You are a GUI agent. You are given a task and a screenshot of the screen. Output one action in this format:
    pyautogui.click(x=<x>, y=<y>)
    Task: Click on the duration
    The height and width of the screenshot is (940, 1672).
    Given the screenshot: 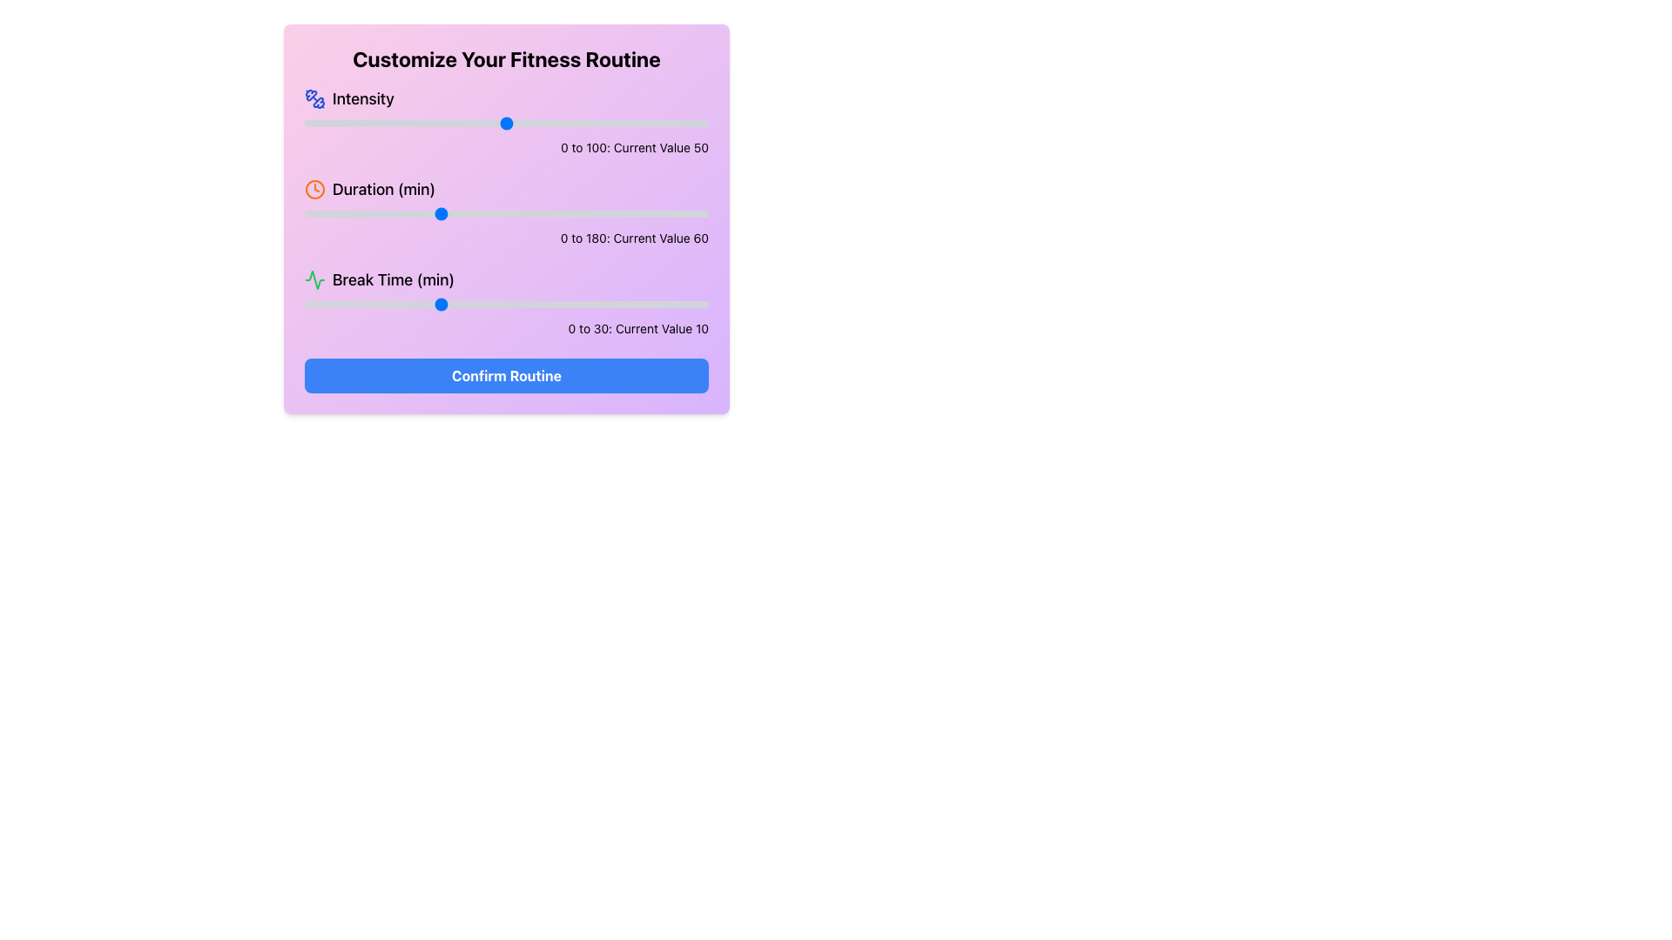 What is the action you would take?
    pyautogui.click(x=307, y=213)
    